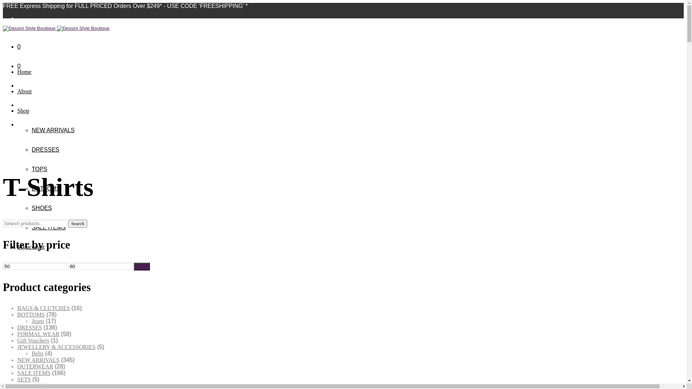 The image size is (692, 389). I want to click on 'My account', so click(31, 246).